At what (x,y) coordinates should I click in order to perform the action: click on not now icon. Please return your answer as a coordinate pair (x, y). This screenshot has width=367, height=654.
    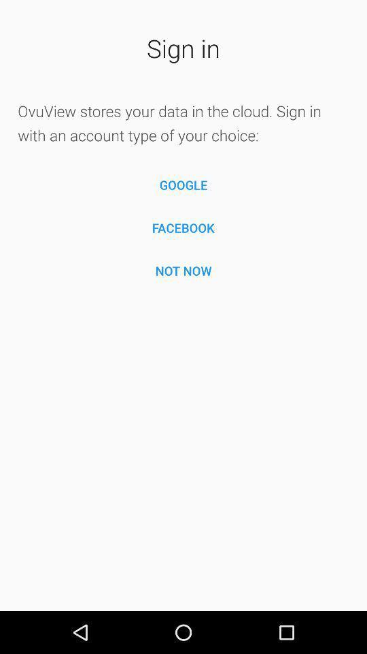
    Looking at the image, I should click on (183, 270).